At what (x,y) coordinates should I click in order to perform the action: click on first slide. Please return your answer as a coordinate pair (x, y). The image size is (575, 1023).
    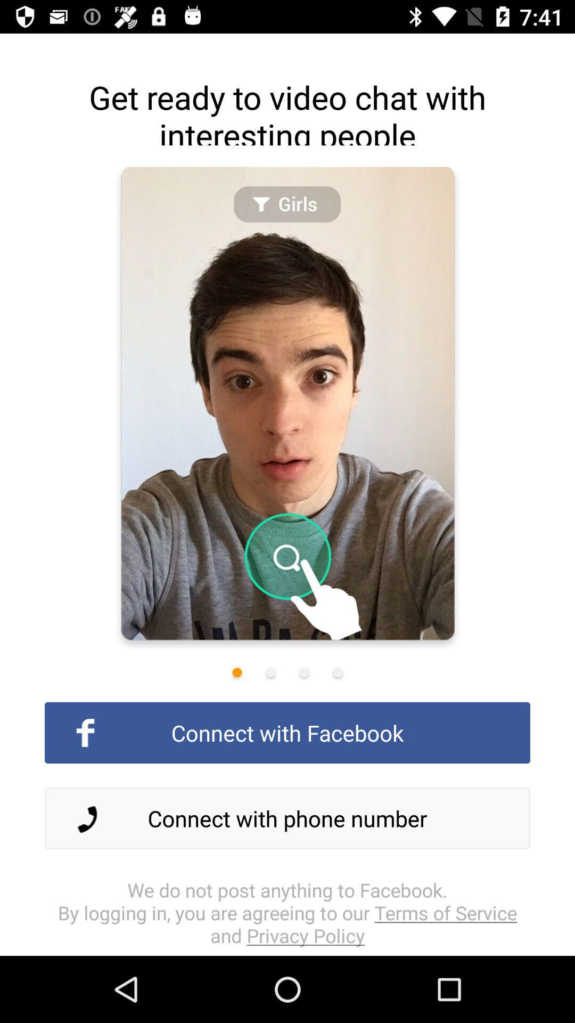
    Looking at the image, I should click on (236, 672).